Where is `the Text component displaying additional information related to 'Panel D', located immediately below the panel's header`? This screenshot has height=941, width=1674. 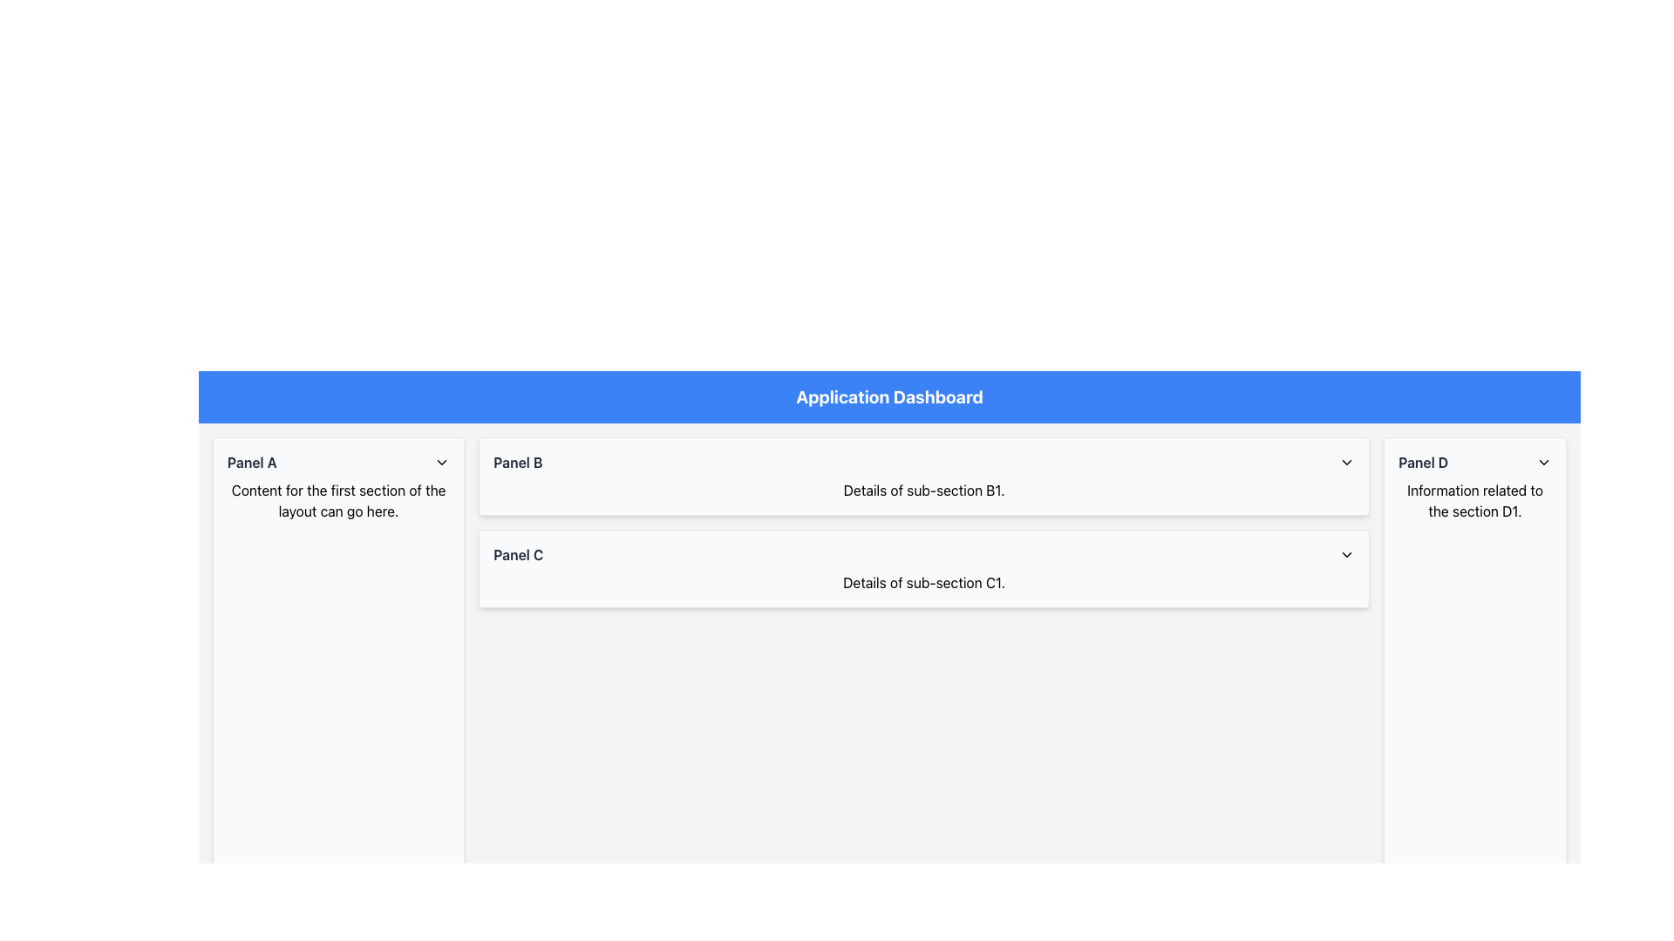 the Text component displaying additional information related to 'Panel D', located immediately below the panel's header is located at coordinates (1474, 500).